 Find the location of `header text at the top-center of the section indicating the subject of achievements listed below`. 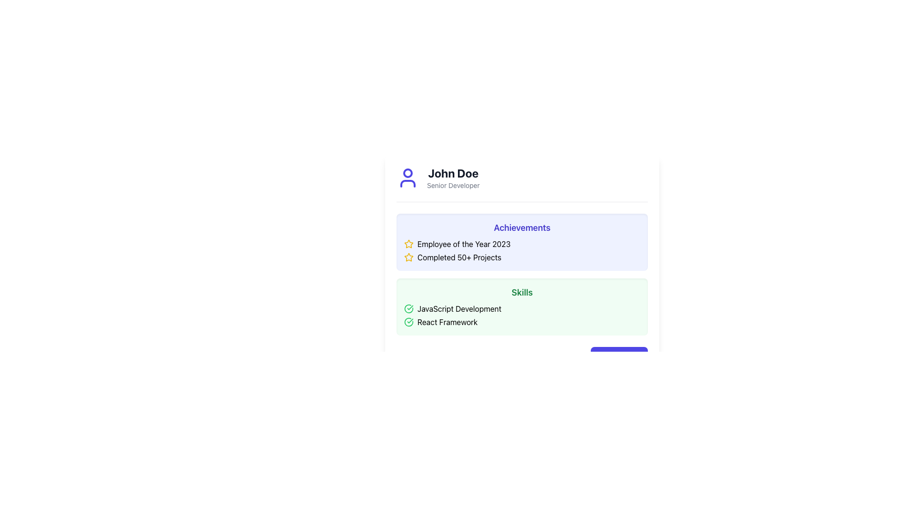

header text at the top-center of the section indicating the subject of achievements listed below is located at coordinates (522, 227).